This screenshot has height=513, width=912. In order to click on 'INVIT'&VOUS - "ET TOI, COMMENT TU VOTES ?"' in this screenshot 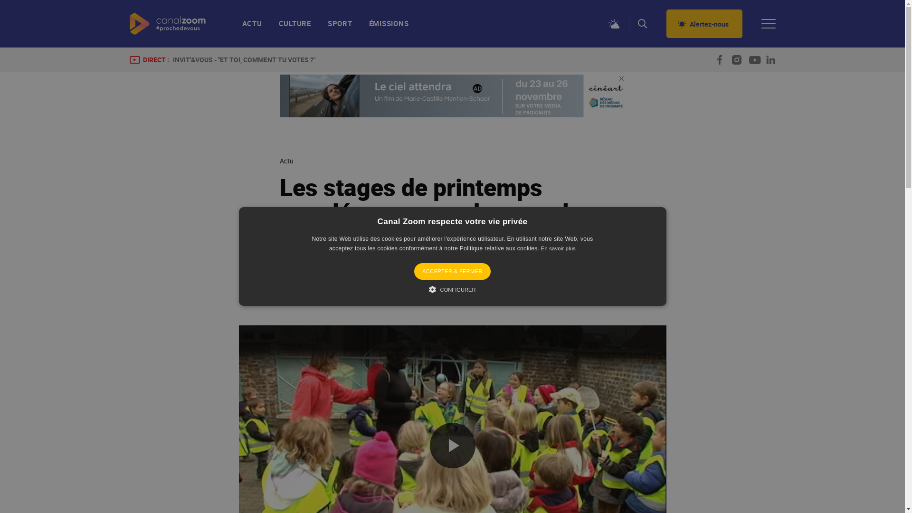, I will do `click(244, 60)`.